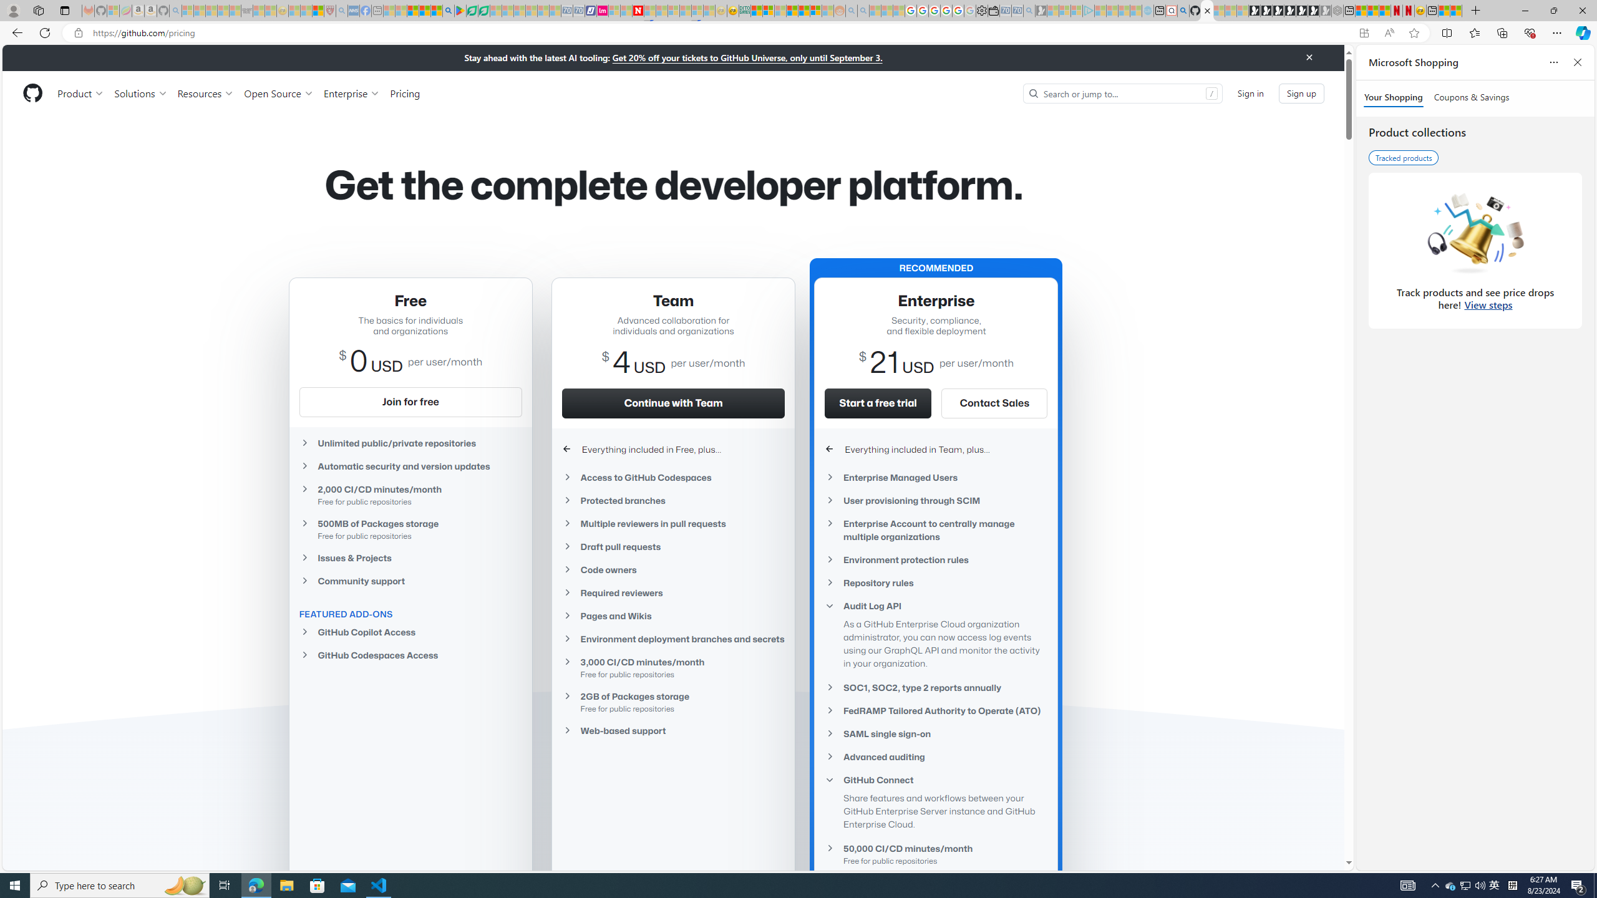  I want to click on 'Terms of Use Agreement', so click(472, 10).